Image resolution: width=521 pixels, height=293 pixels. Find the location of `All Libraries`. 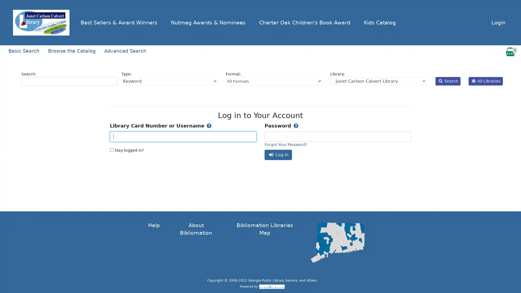

All Libraries is located at coordinates (486, 81).